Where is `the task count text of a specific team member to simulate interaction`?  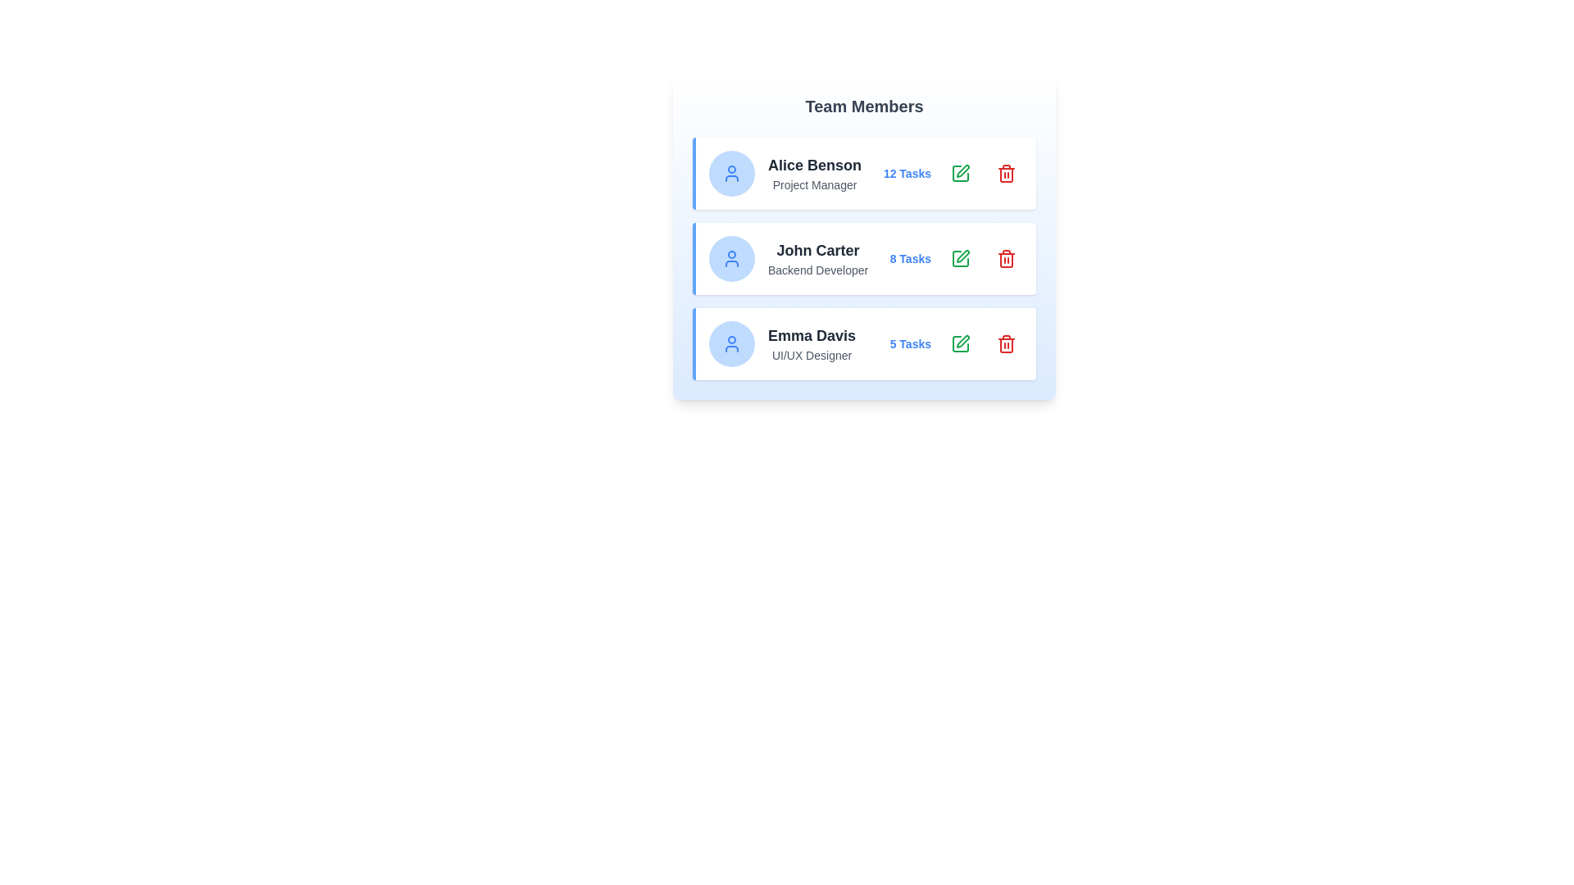 the task count text of a specific team member to simulate interaction is located at coordinates (906, 174).